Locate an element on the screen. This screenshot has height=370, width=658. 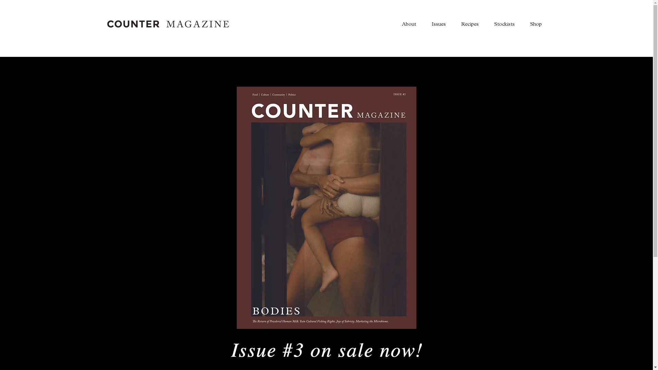
'Shop' is located at coordinates (535, 23).